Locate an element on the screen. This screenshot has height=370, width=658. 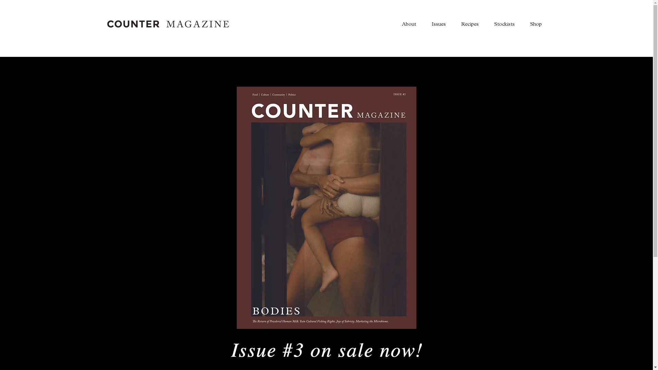
'Shop' is located at coordinates (535, 23).